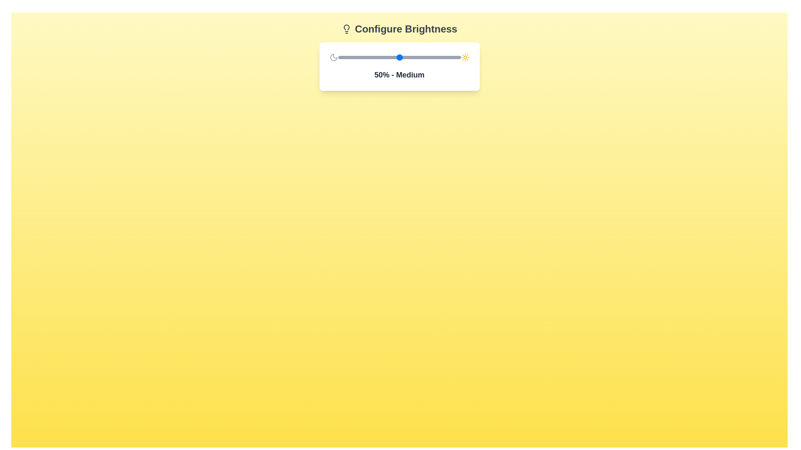  I want to click on the brightness slider to 61%, so click(413, 57).